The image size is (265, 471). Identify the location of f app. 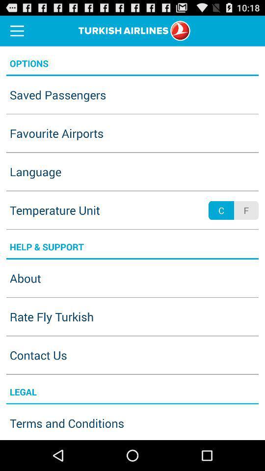
(245, 210).